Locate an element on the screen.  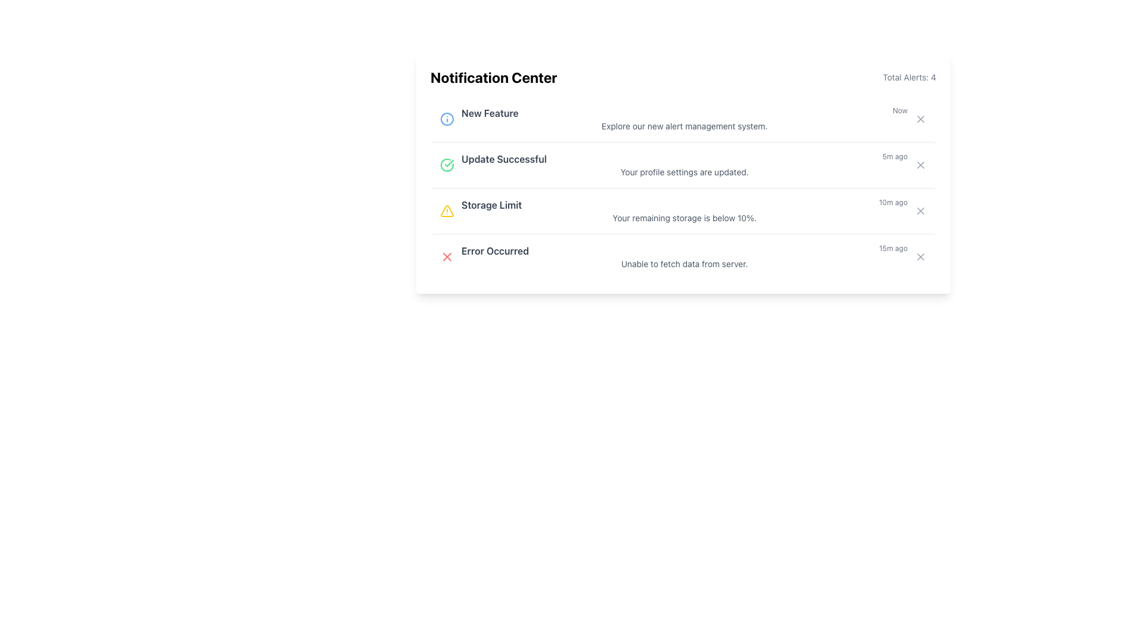
the static text element that reads 'Your remaining storage is below 10%' located within the 'Storage Limit' notification block is located at coordinates (684, 218).